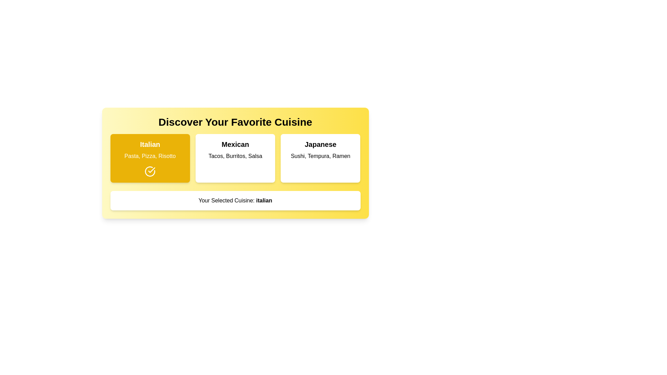 This screenshot has width=667, height=375. I want to click on the checkmark icon representing visual confirmation for the Italian cuisine option, located in the lower-right quadrant of the yellow Italian card, so click(151, 170).